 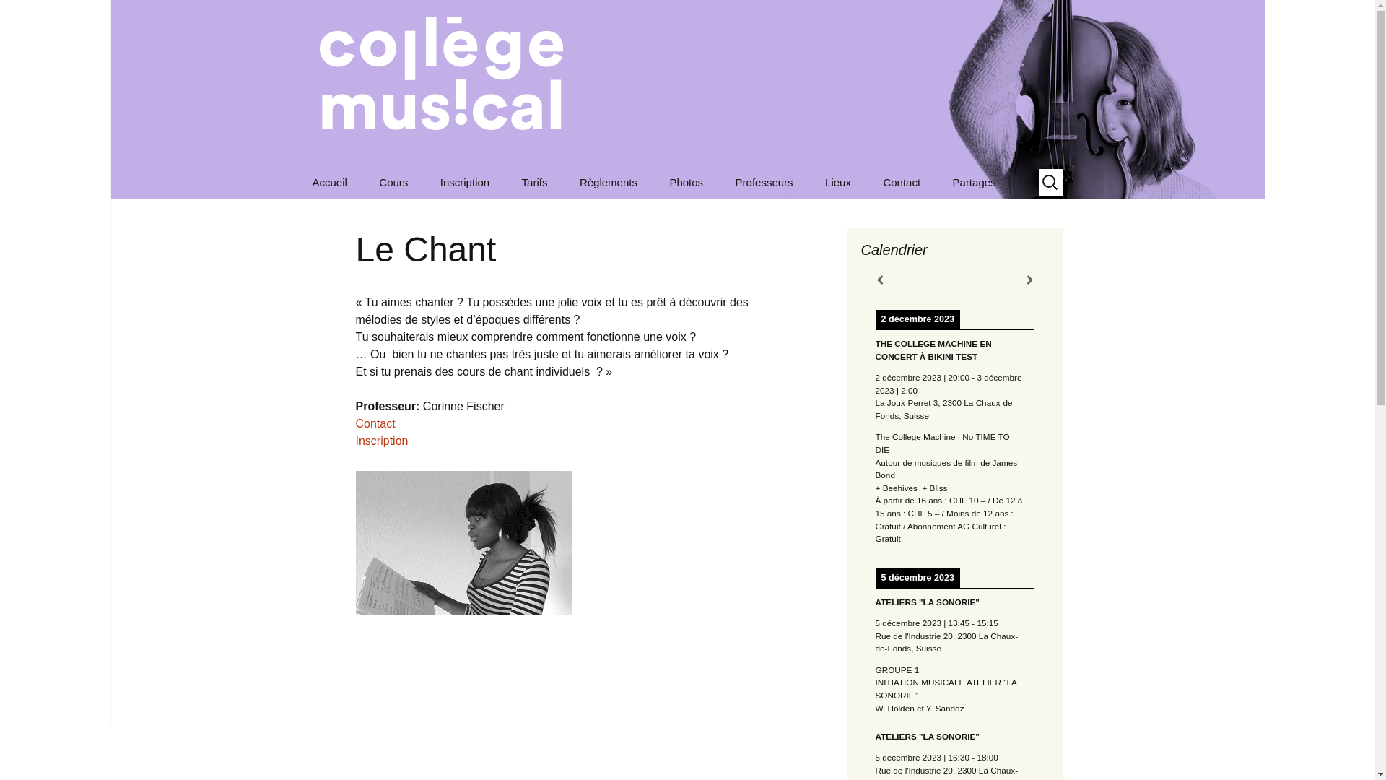 I want to click on 'Cours', so click(x=393, y=181).